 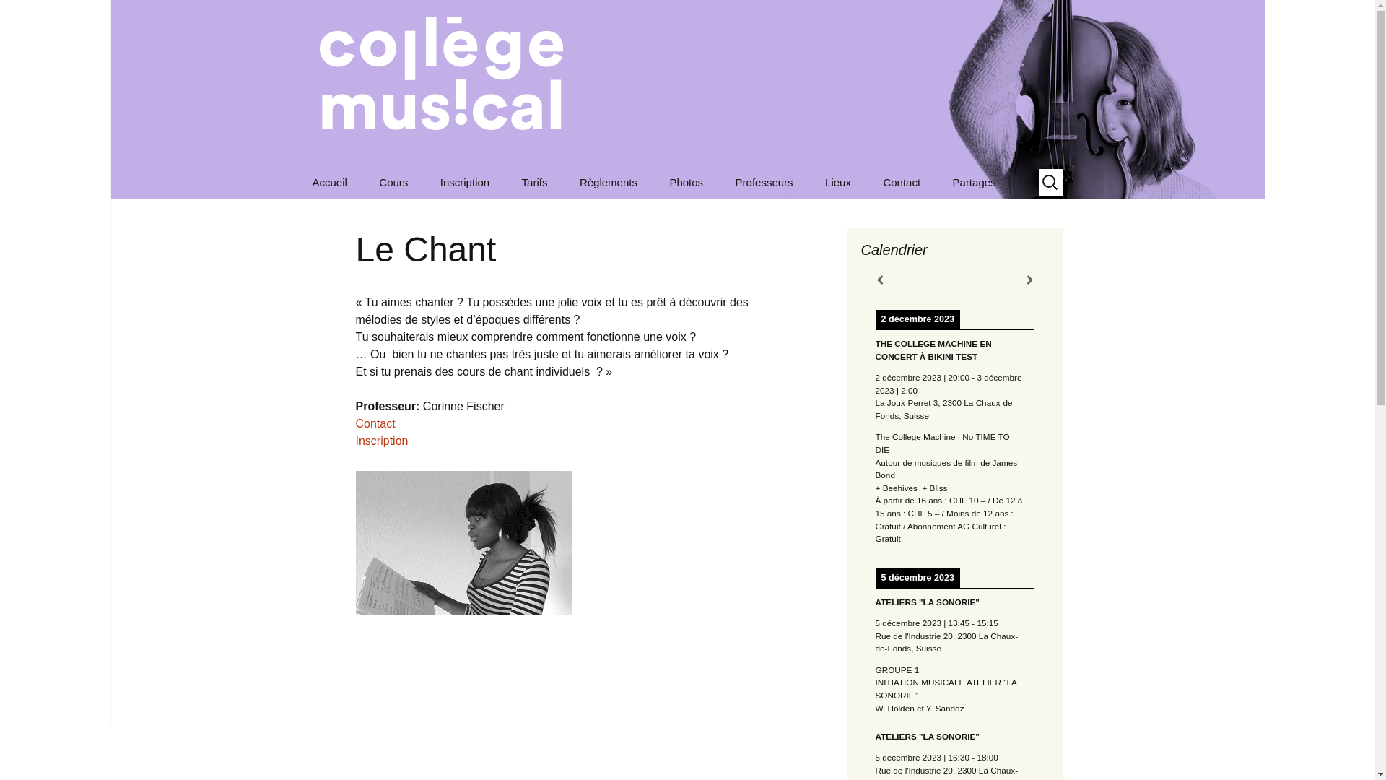 I want to click on 'Cours', so click(x=393, y=181).